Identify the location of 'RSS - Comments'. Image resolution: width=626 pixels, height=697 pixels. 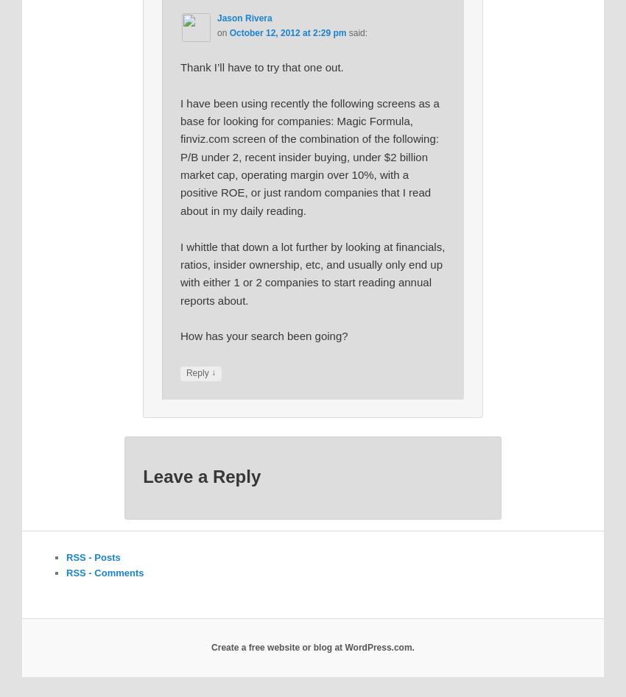
(66, 572).